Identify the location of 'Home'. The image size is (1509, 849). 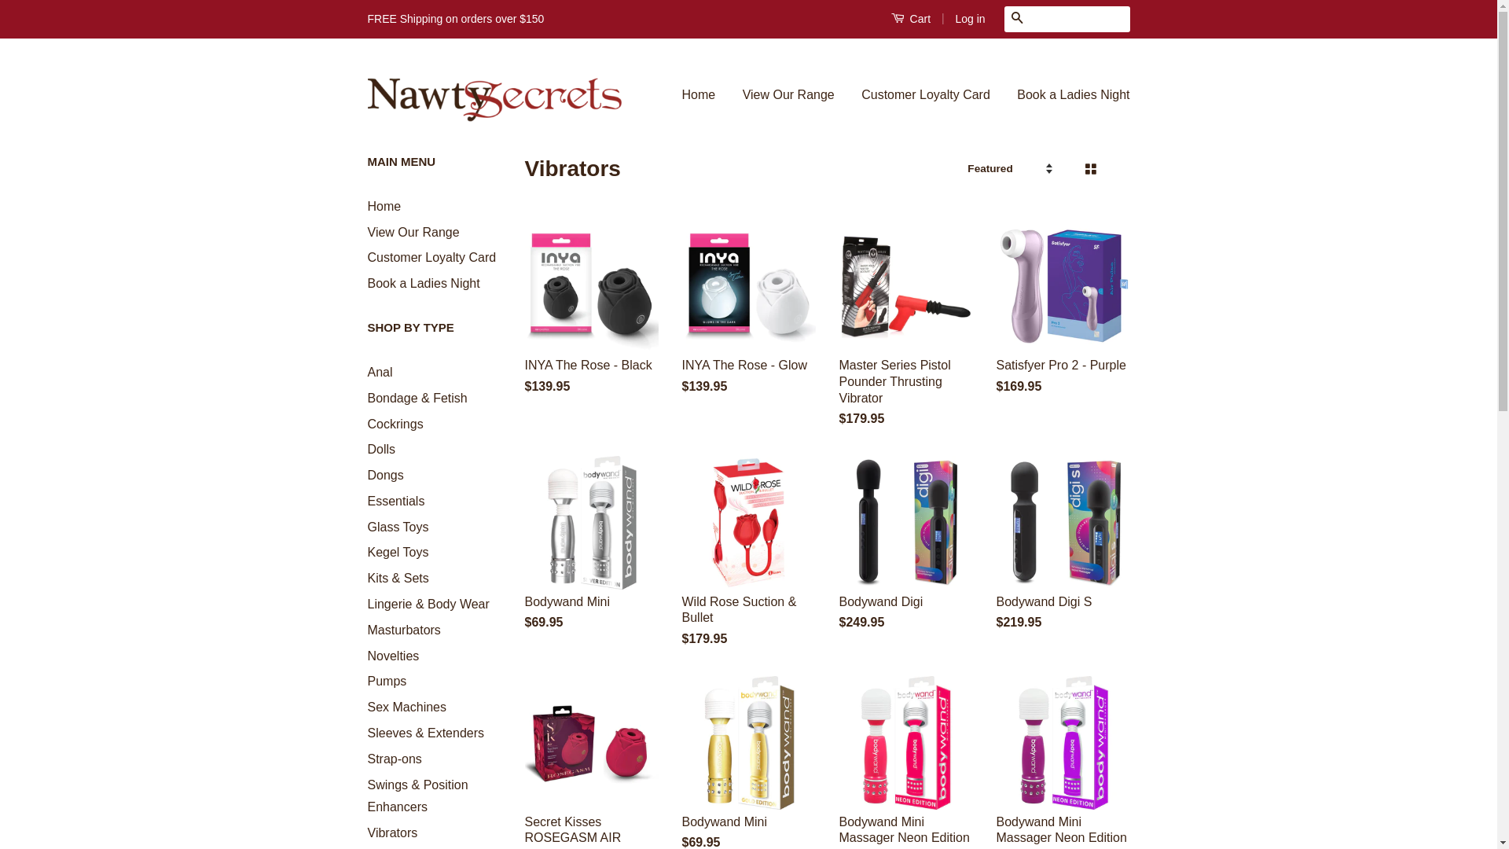
(384, 205).